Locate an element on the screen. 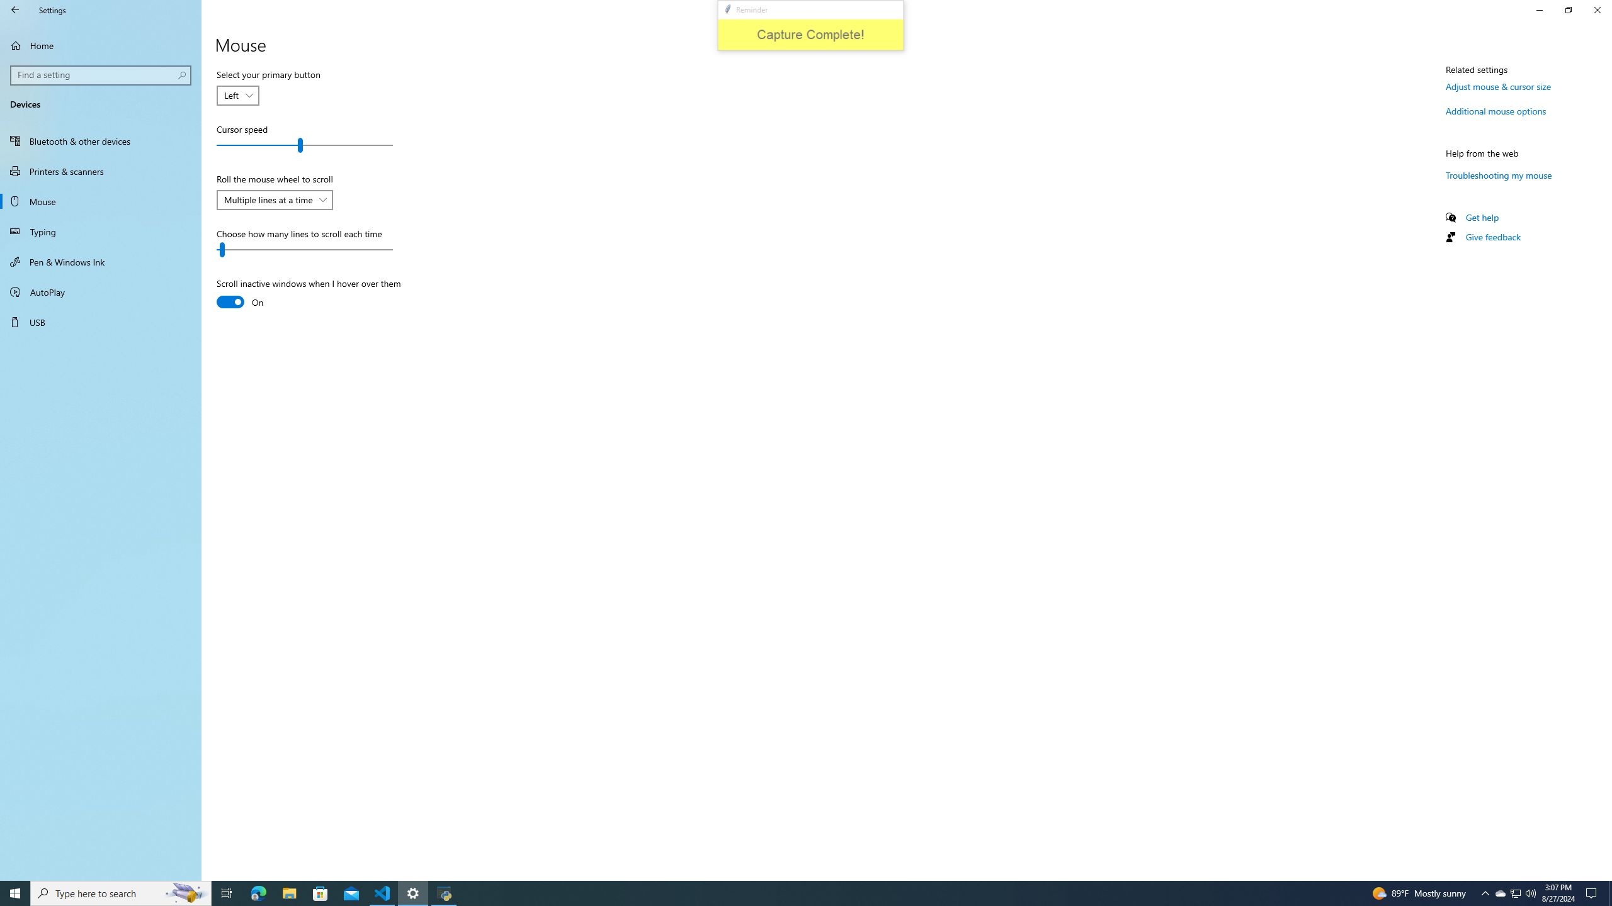 Image resolution: width=1612 pixels, height=906 pixels. 'Close Settings' is located at coordinates (1596, 9).